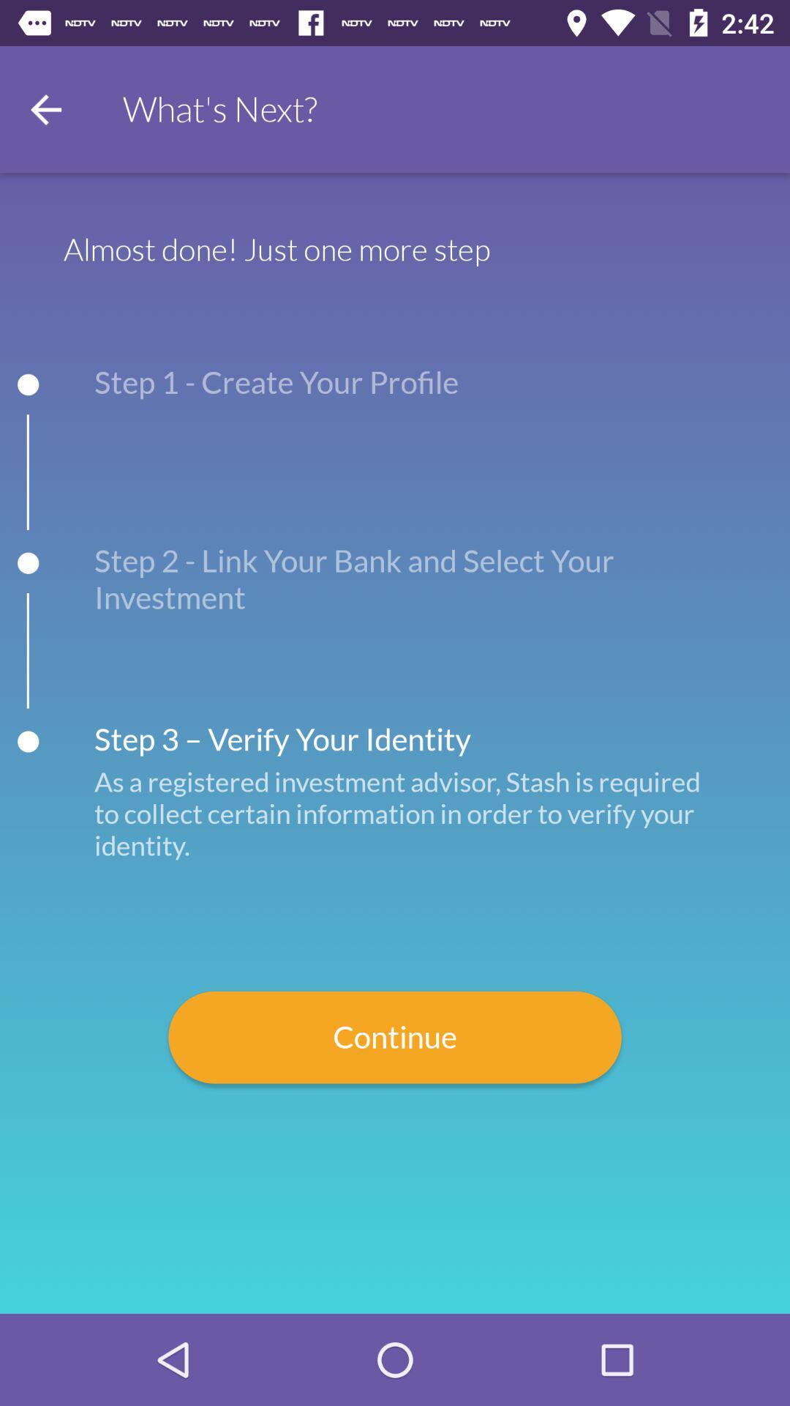 Image resolution: width=790 pixels, height=1406 pixels. What do you see at coordinates (45, 108) in the screenshot?
I see `go back` at bounding box center [45, 108].